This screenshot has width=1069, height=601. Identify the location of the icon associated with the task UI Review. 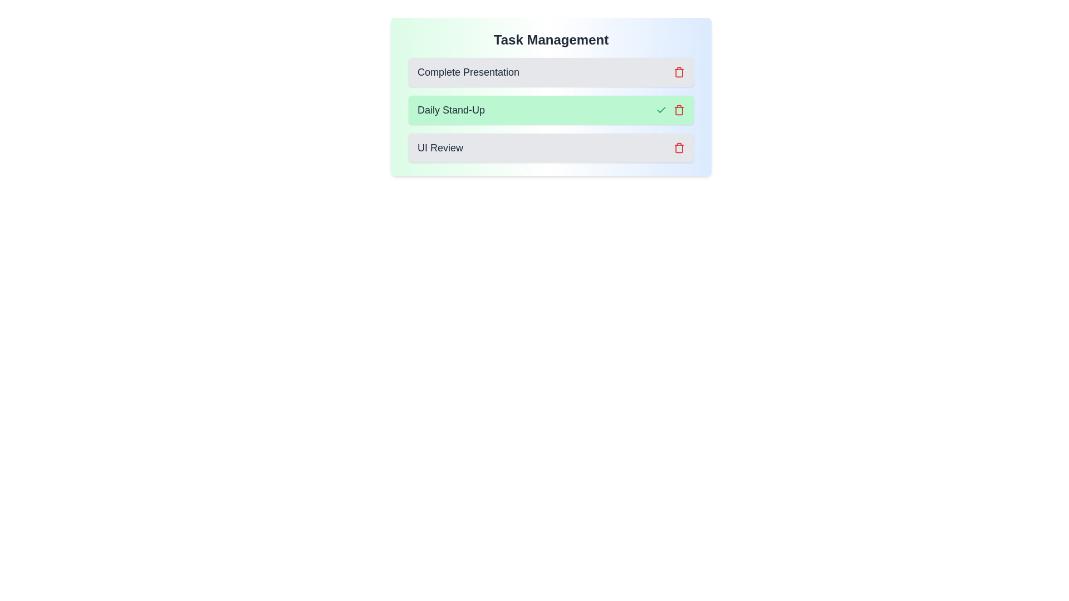
(678, 147).